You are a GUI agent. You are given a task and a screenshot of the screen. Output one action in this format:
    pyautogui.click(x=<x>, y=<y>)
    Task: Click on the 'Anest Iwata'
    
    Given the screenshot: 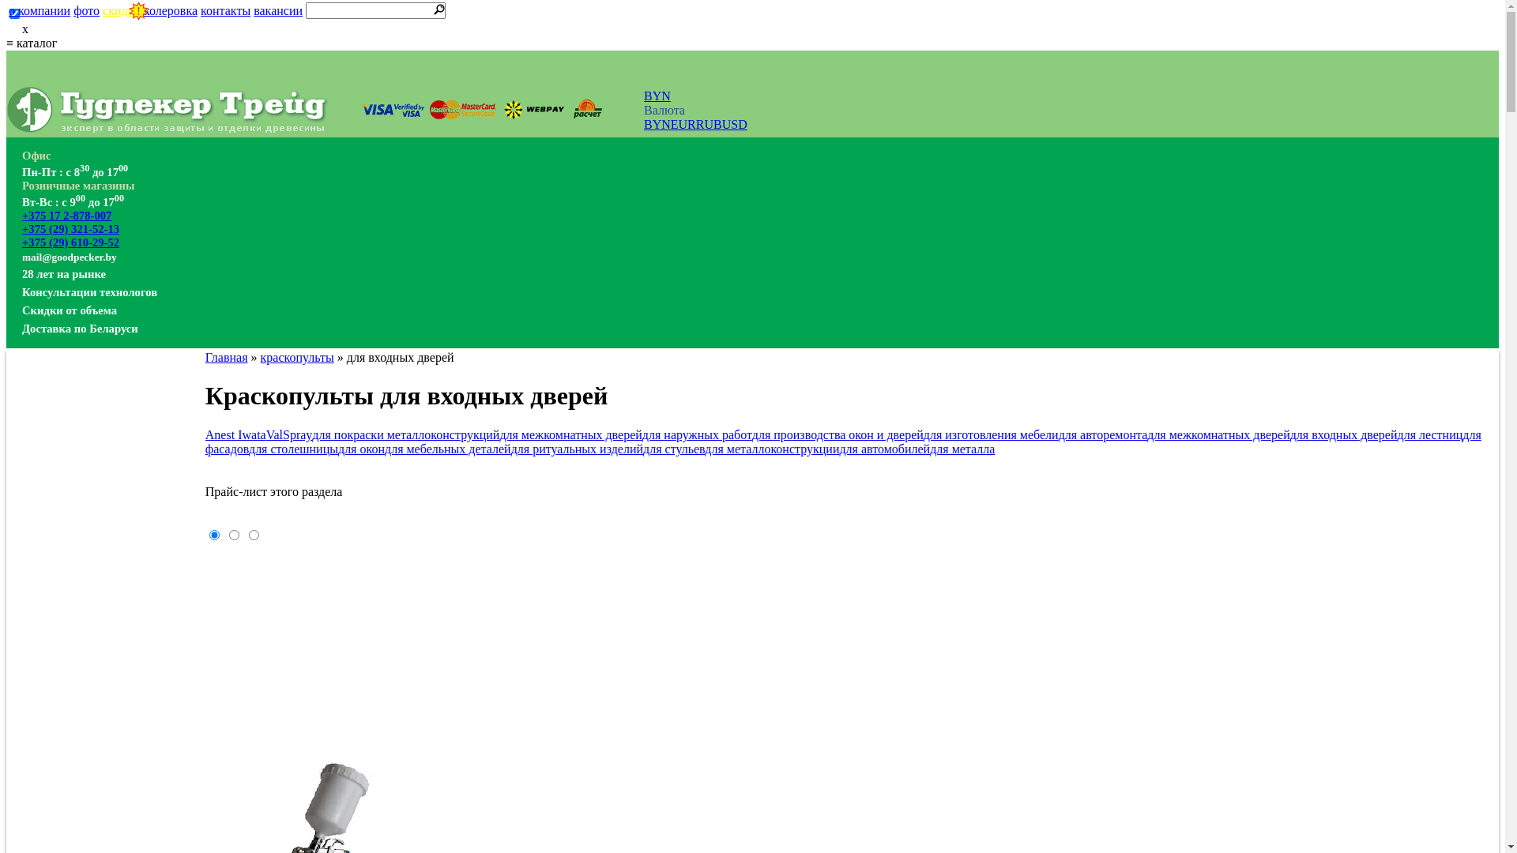 What is the action you would take?
    pyautogui.click(x=235, y=434)
    